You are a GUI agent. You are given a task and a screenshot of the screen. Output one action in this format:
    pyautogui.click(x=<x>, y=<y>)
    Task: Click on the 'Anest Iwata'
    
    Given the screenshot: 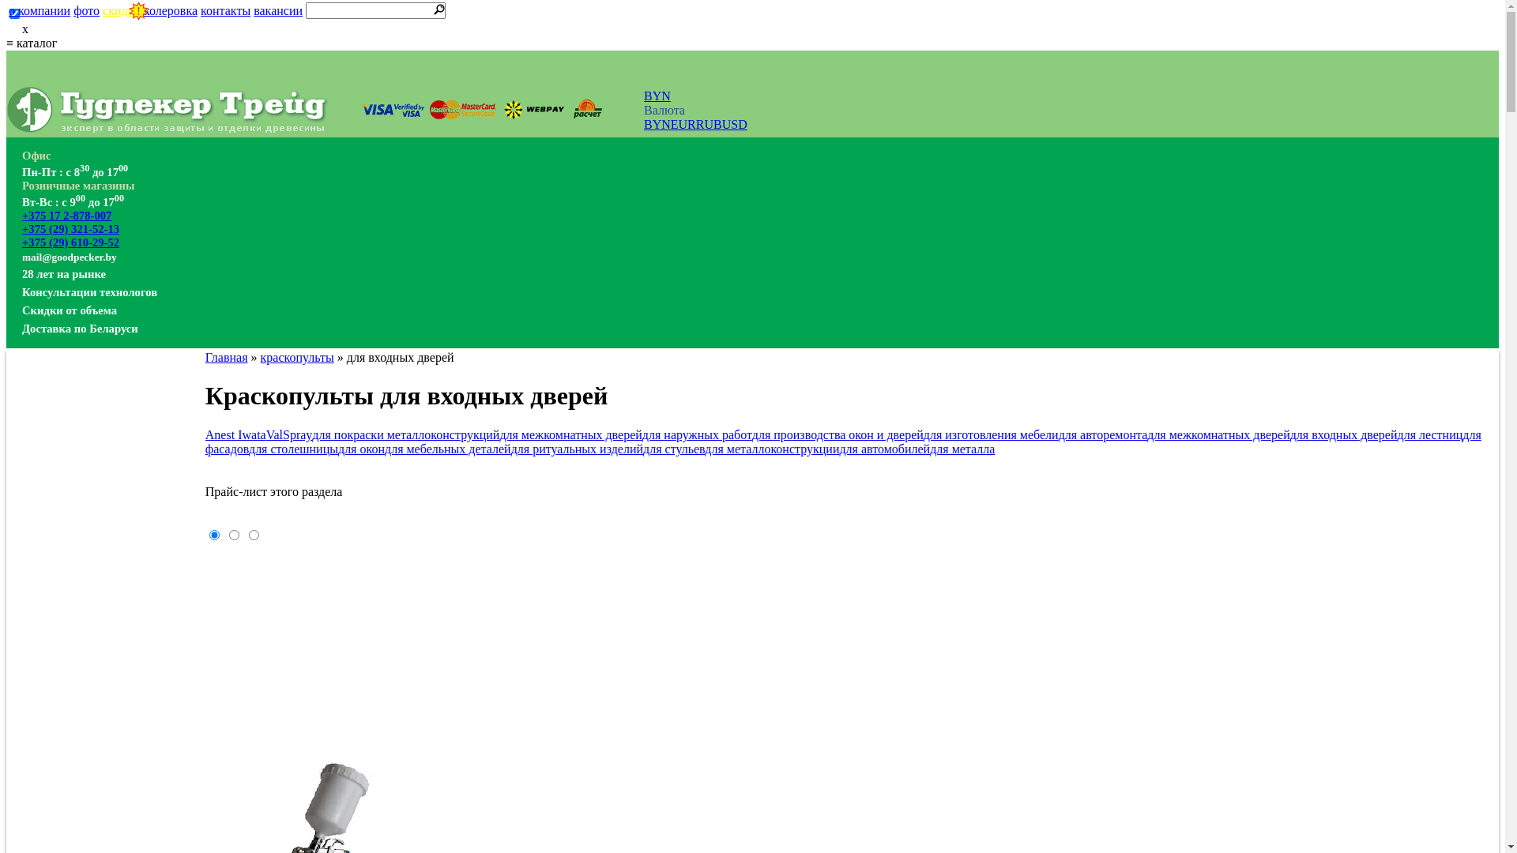 What is the action you would take?
    pyautogui.click(x=235, y=434)
    